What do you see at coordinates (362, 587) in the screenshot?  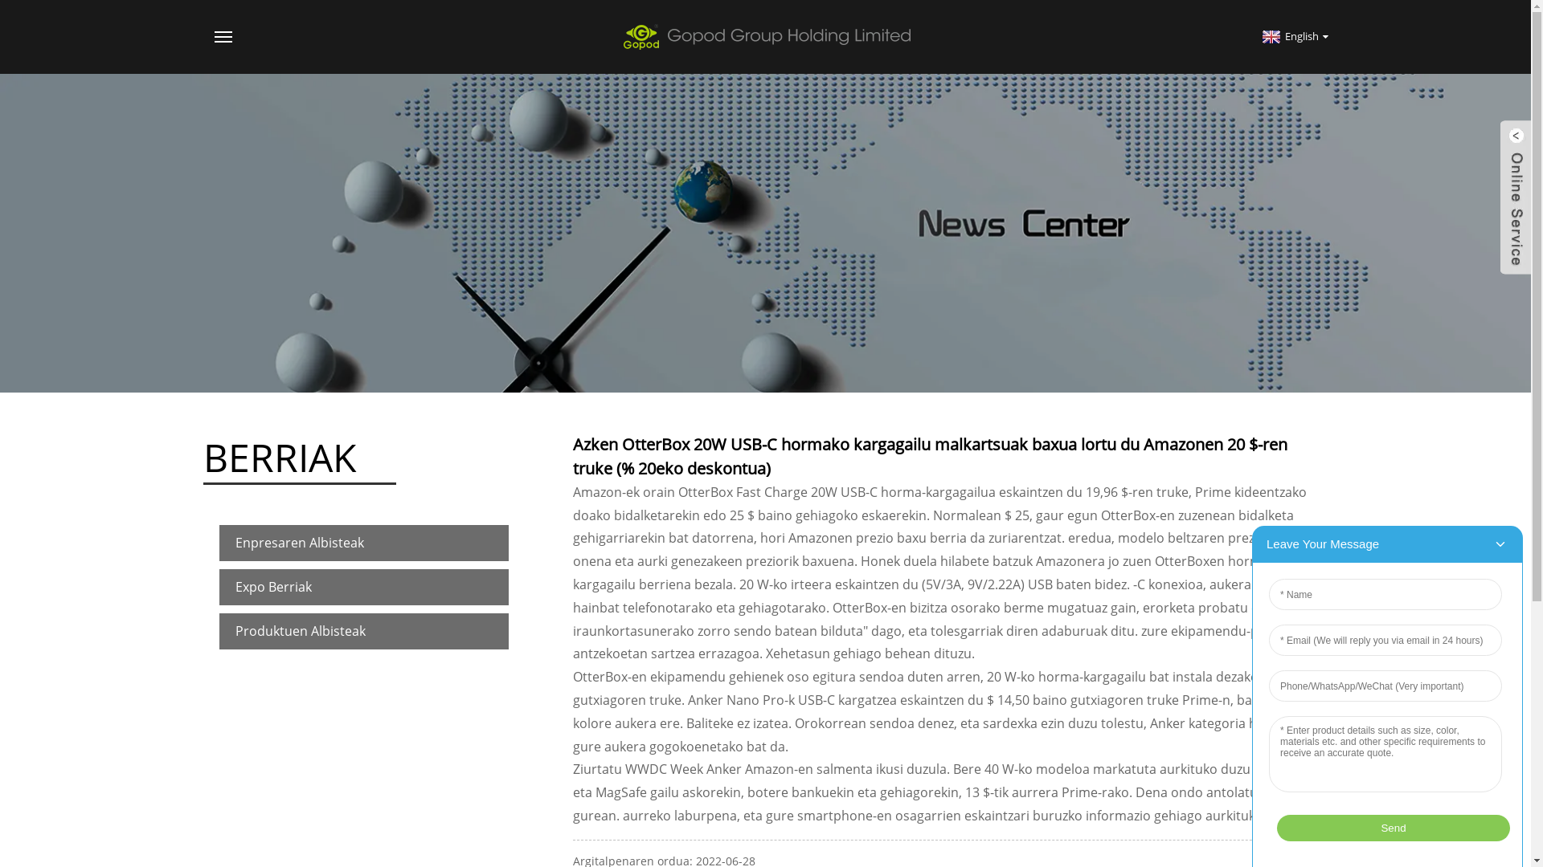 I see `'Expo Berriak'` at bounding box center [362, 587].